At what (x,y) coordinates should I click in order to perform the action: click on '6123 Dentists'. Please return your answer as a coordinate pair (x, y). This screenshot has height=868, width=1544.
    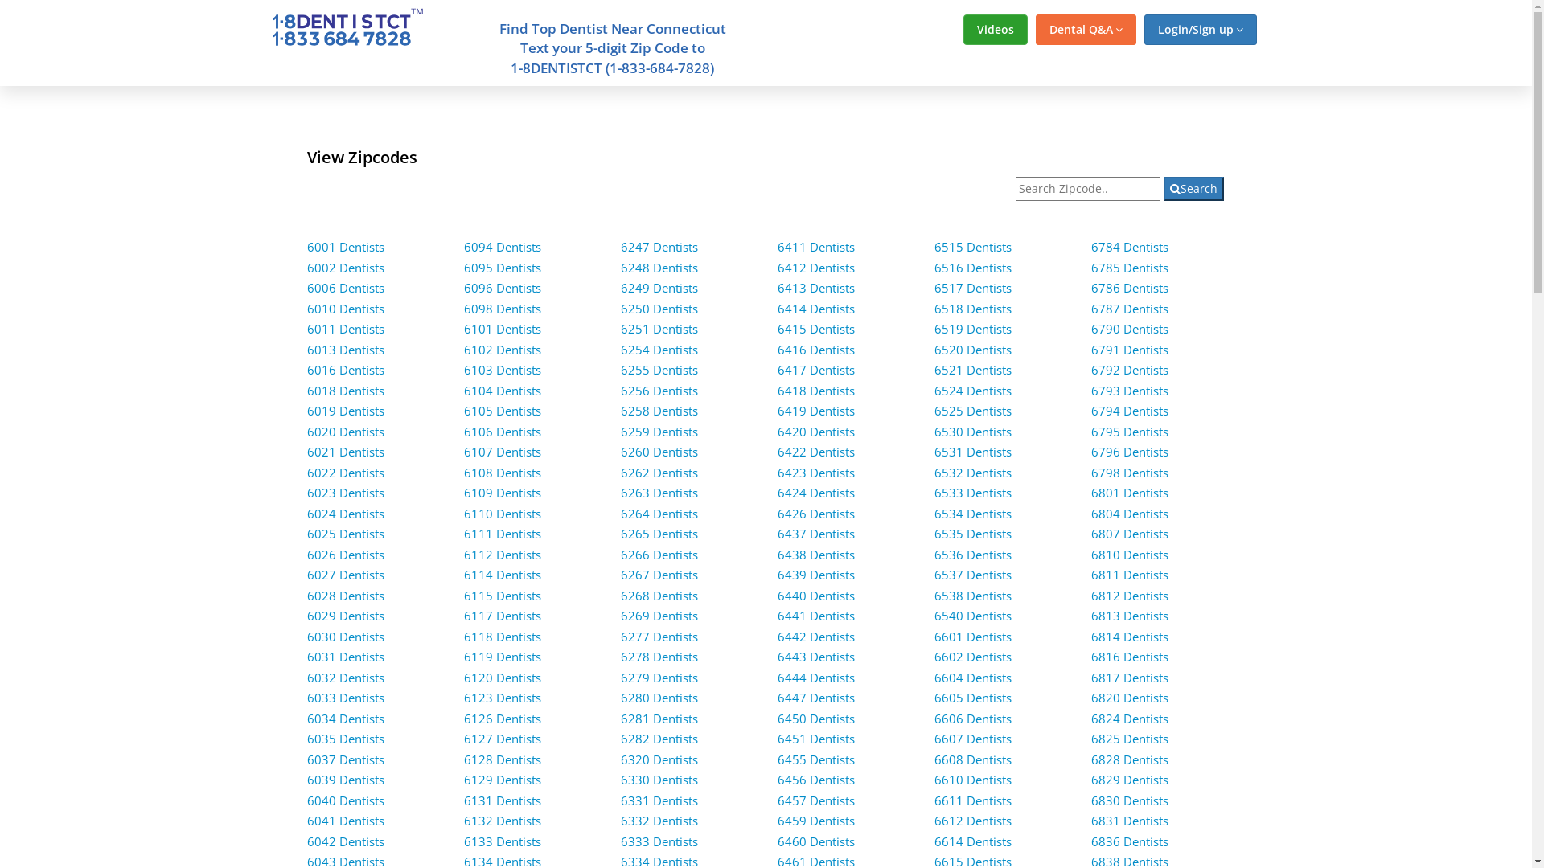
    Looking at the image, I should click on (501, 696).